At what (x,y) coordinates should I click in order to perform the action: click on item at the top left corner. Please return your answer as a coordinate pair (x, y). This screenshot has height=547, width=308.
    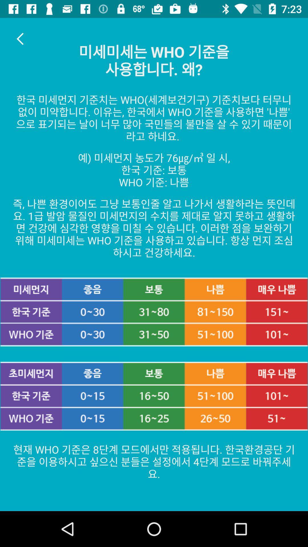
    Looking at the image, I should click on (21, 38).